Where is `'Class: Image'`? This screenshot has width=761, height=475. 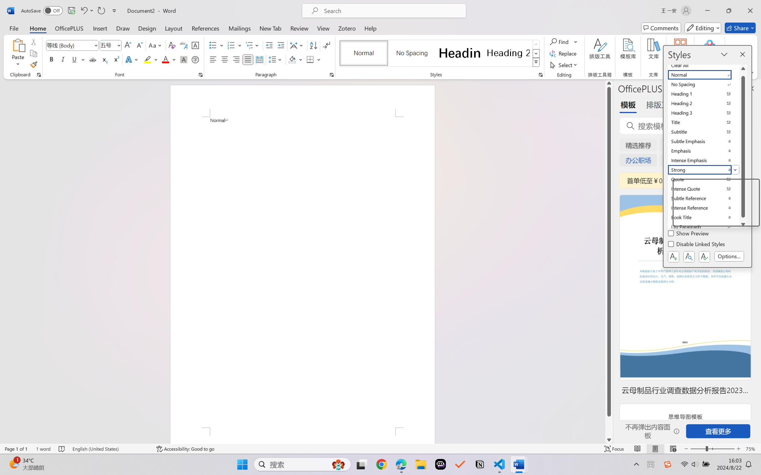
'Class: Image' is located at coordinates (667, 464).